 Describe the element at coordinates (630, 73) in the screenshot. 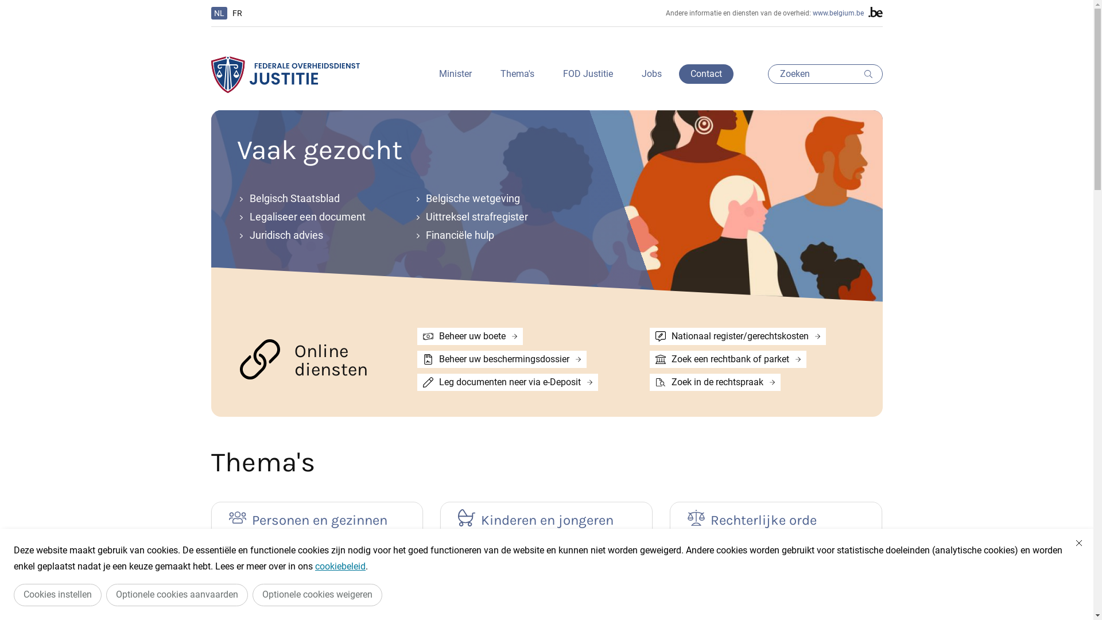

I see `'Jobs'` at that location.